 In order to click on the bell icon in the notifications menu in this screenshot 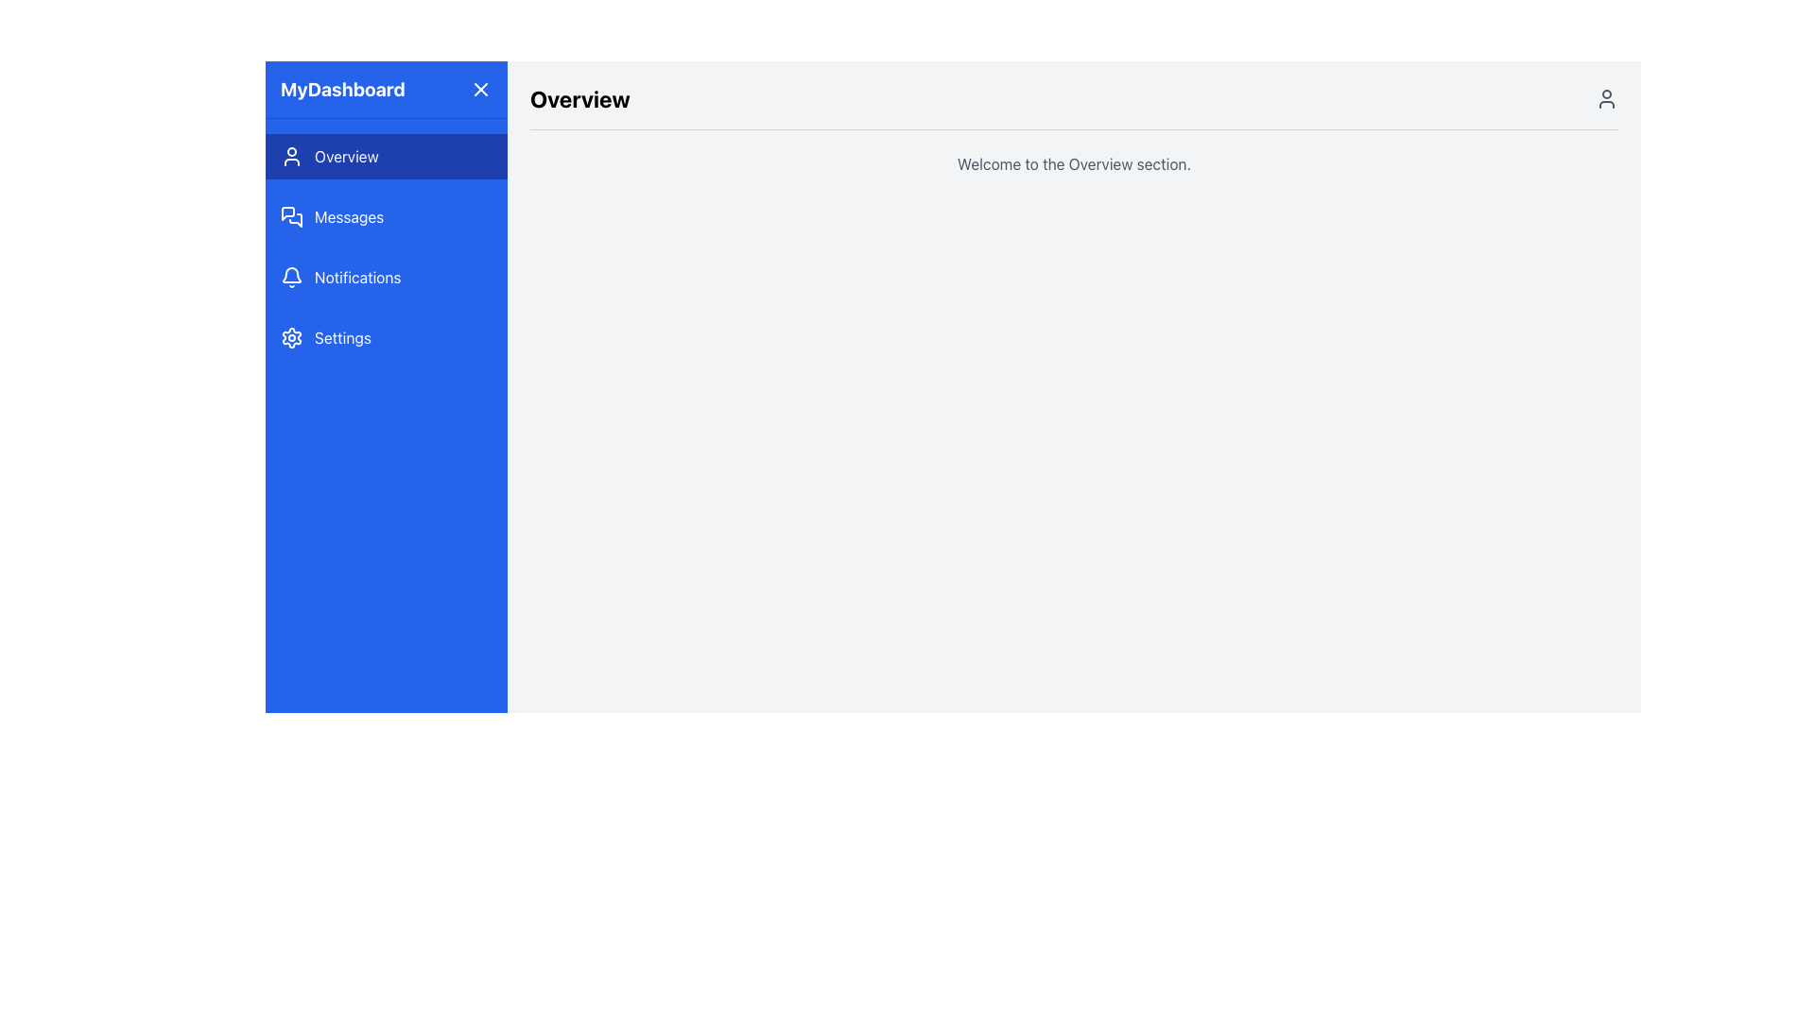, I will do `click(290, 275)`.